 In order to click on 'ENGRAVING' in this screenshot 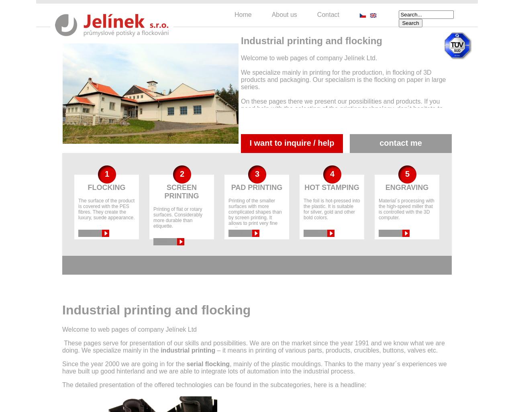, I will do `click(406, 187)`.